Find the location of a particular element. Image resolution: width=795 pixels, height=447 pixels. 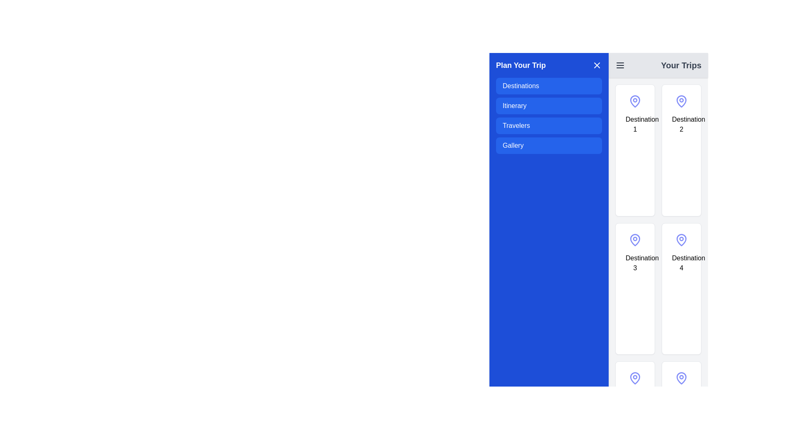

the menu icon represented by three horizontal lines located is located at coordinates (620, 65).